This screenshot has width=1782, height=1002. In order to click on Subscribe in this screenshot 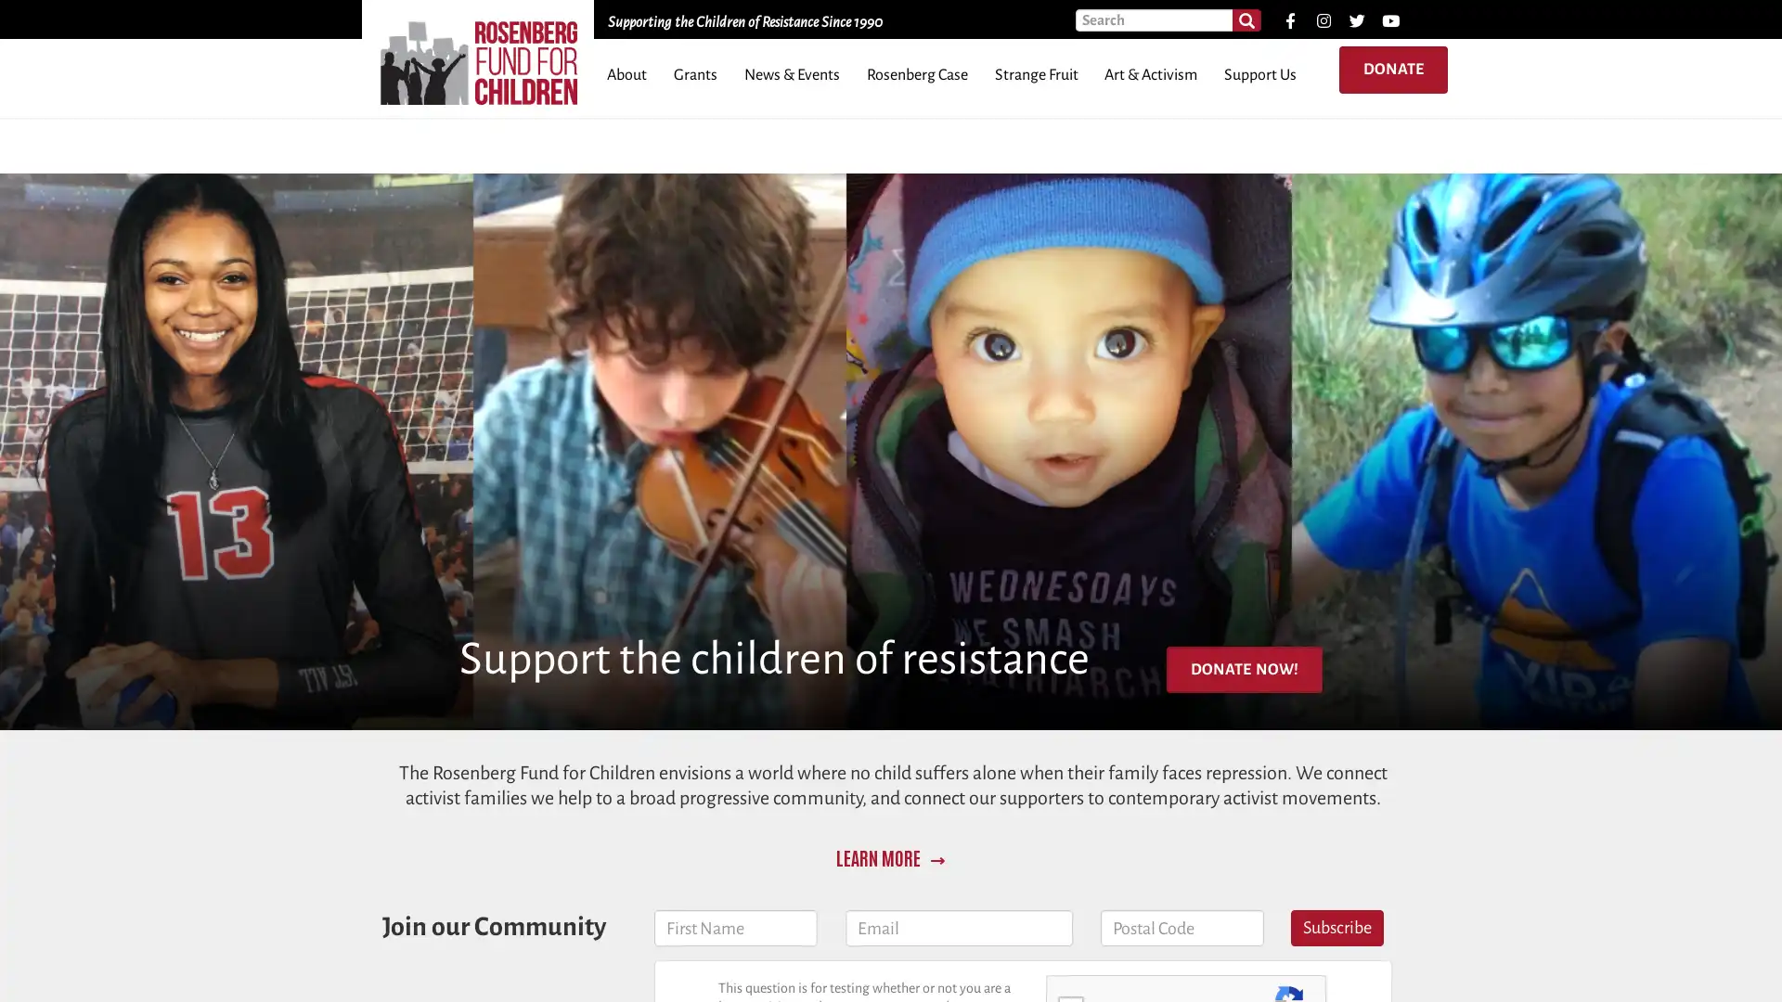, I will do `click(1336, 928)`.